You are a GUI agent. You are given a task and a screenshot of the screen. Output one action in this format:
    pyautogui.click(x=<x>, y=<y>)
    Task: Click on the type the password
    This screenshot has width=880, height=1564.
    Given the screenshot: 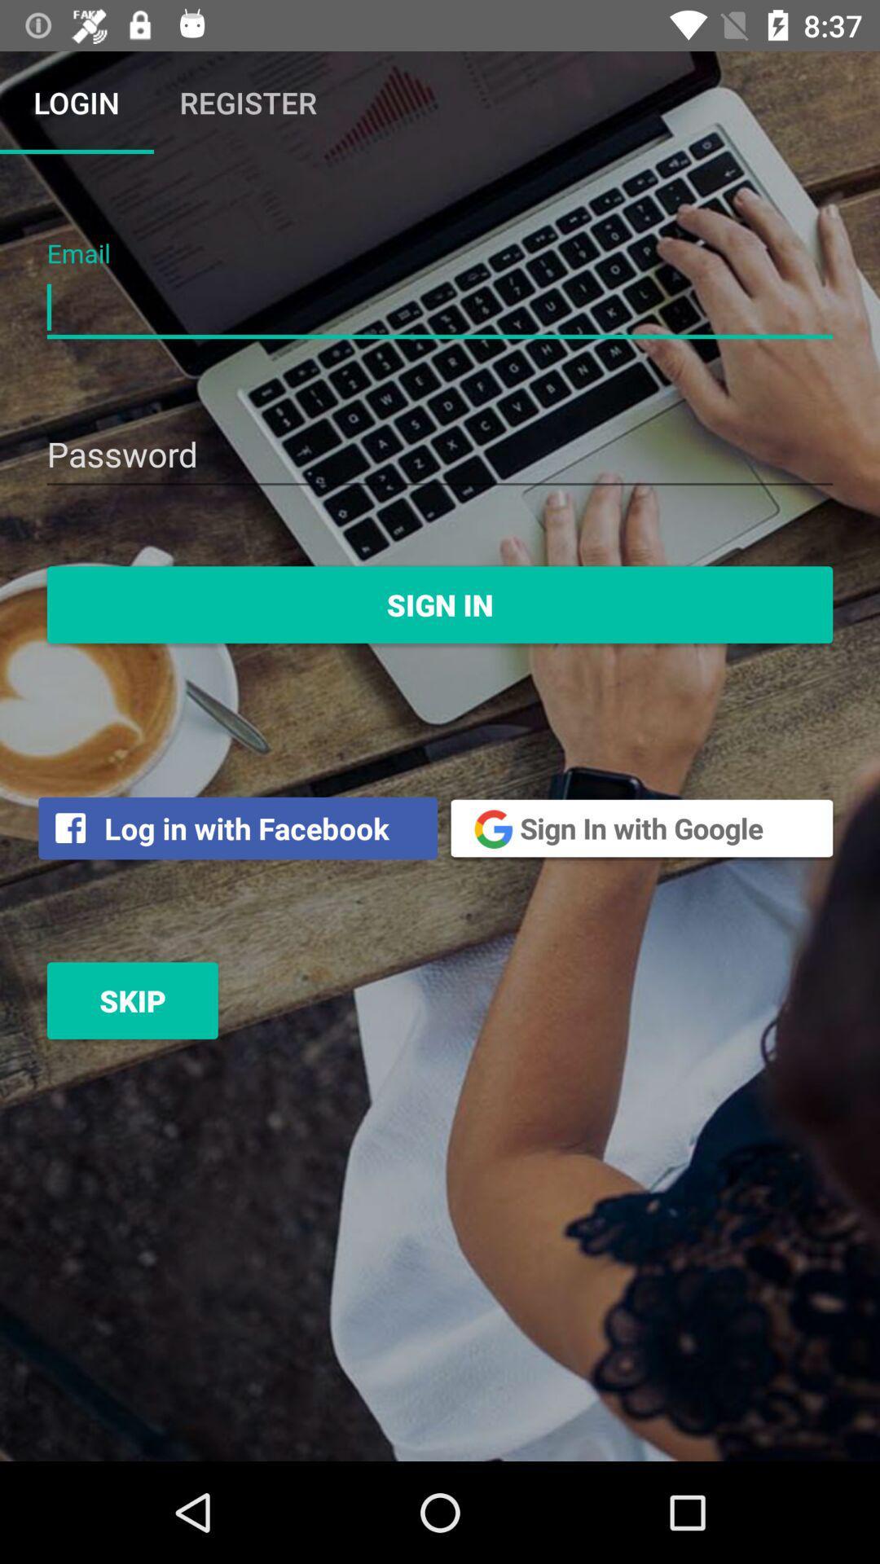 What is the action you would take?
    pyautogui.click(x=440, y=456)
    